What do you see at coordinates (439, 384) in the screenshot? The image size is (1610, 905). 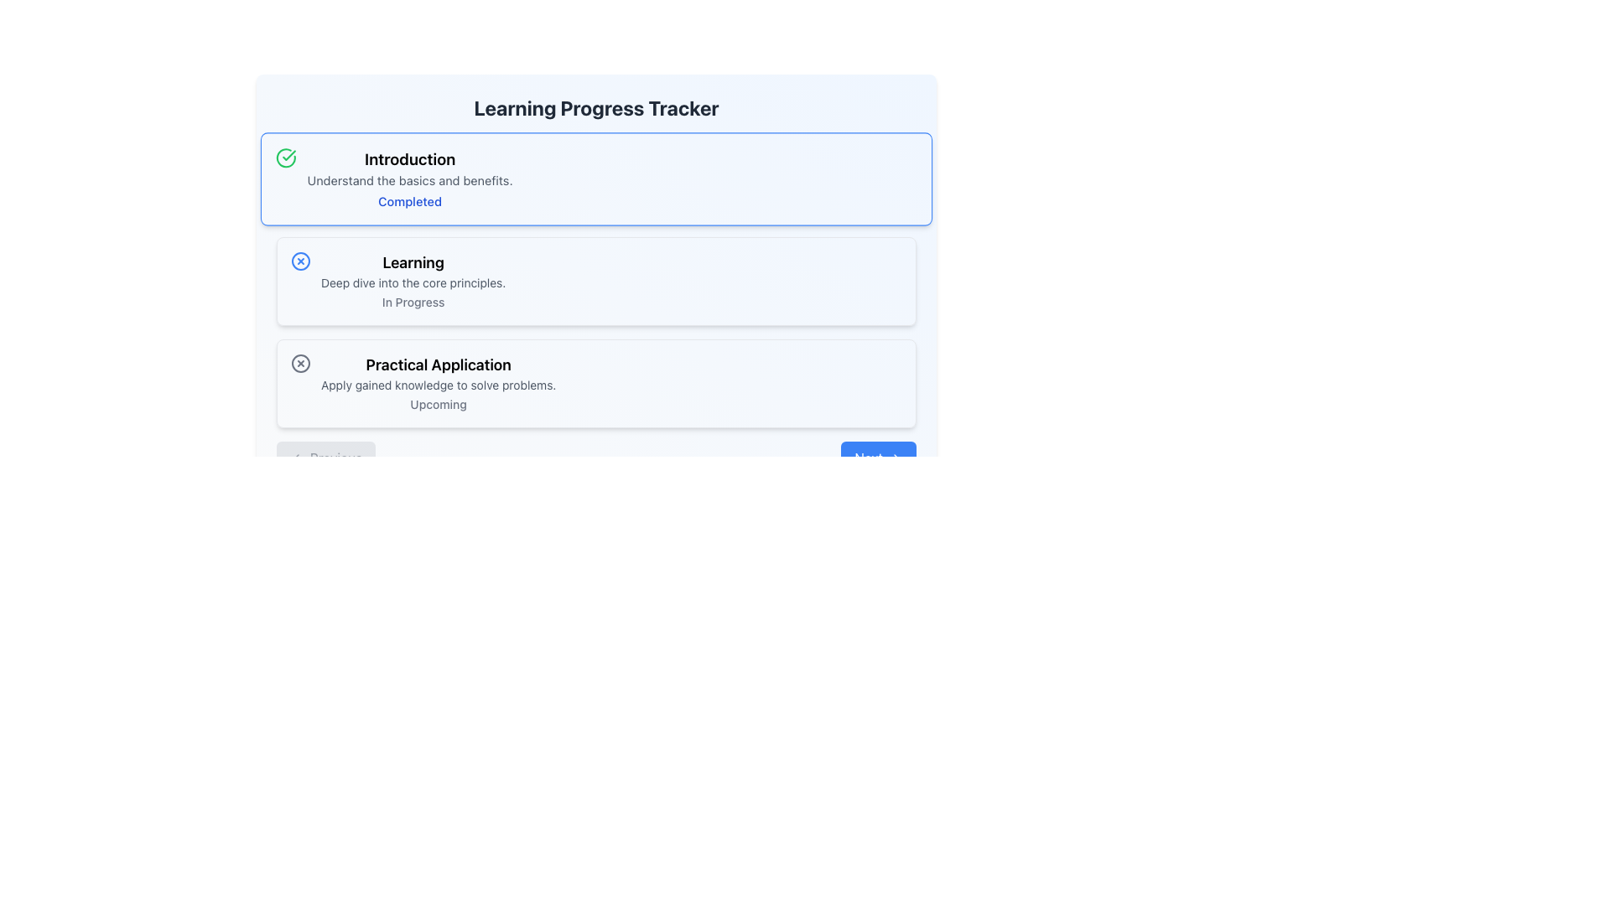 I see `information from the 'Practical Application' informational block within the 'Learning Progress Tracker' section, which indicates its status as 'Upcoming'` at bounding box center [439, 384].